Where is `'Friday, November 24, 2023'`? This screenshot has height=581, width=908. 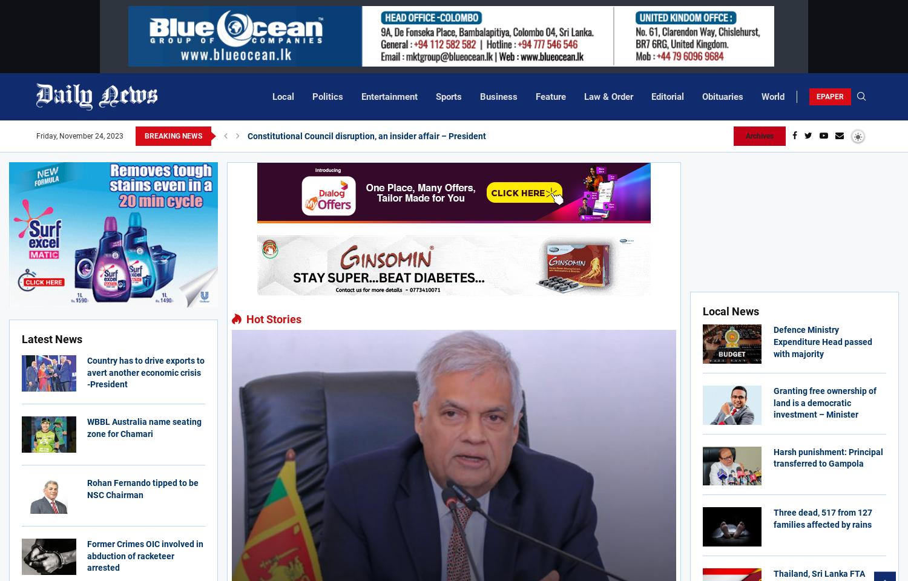 'Friday, November 24, 2023' is located at coordinates (36, 136).